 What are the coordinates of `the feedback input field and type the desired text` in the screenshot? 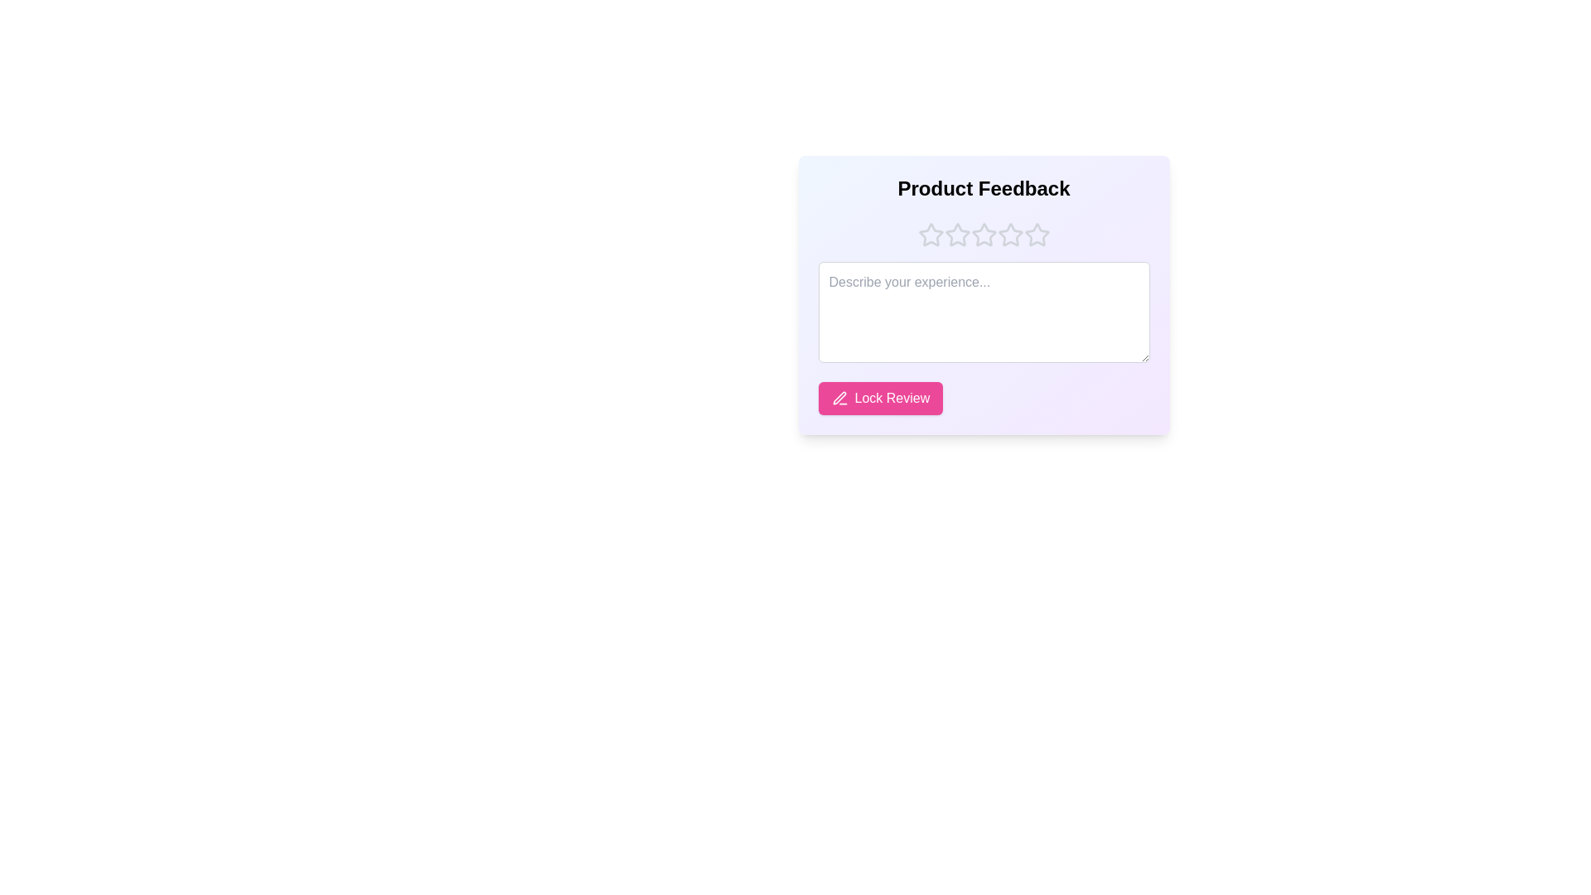 It's located at (984, 312).